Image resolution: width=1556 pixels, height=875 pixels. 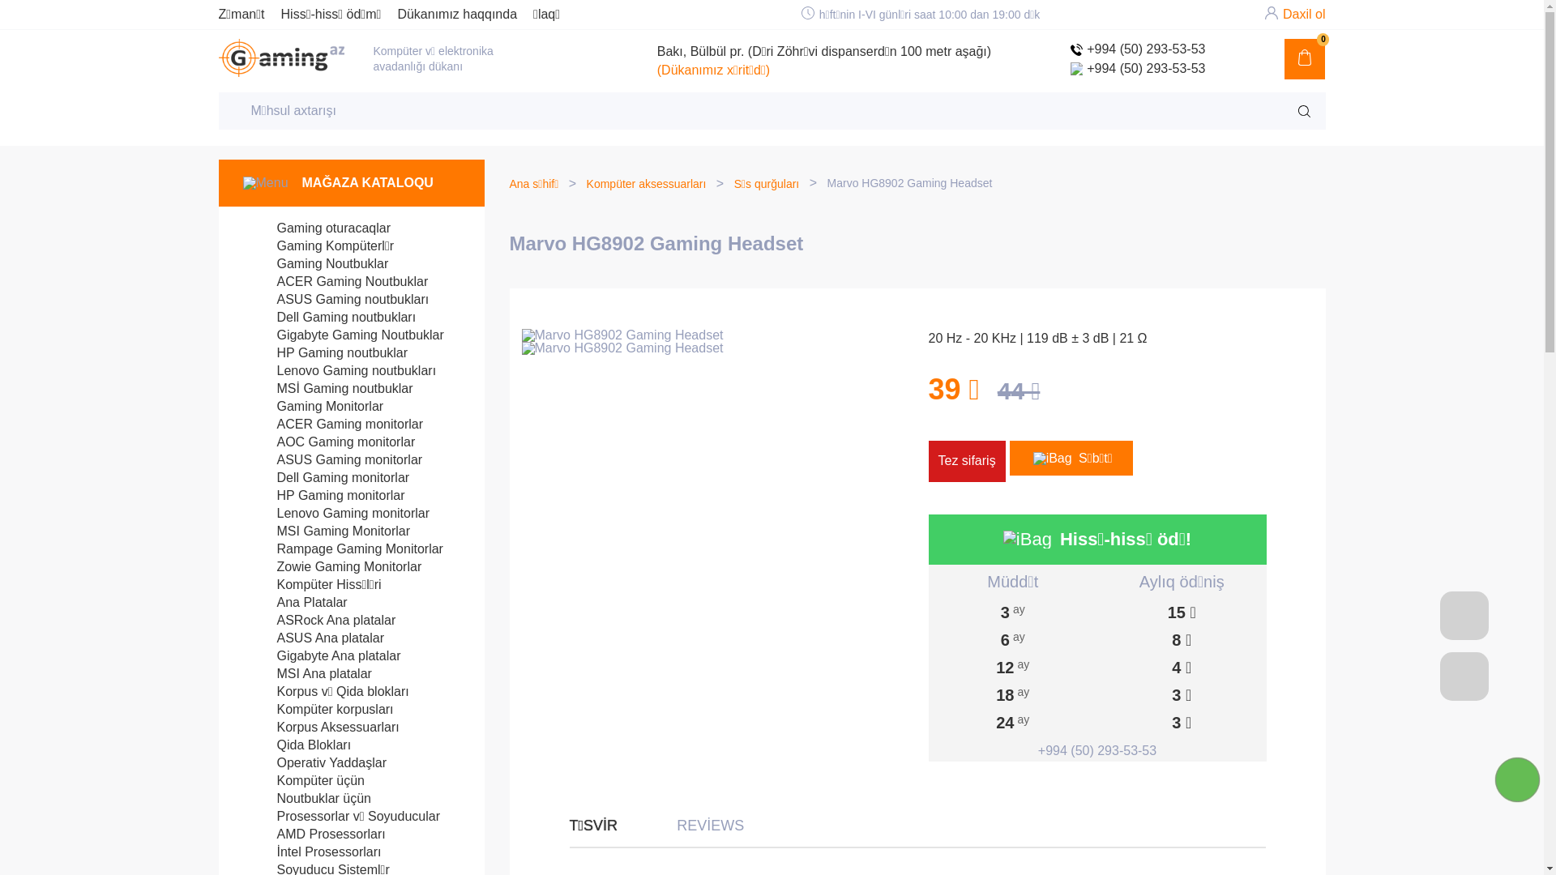 What do you see at coordinates (342, 548) in the screenshot?
I see `'Rampage Gaming Monitorlar'` at bounding box center [342, 548].